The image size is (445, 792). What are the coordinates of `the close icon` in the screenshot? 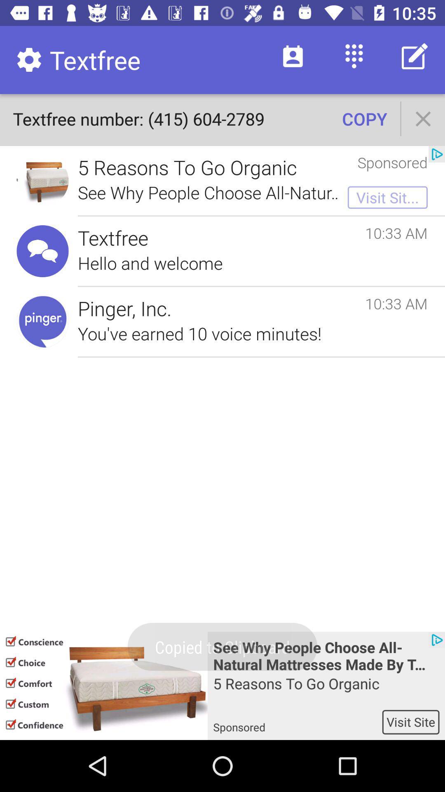 It's located at (423, 118).